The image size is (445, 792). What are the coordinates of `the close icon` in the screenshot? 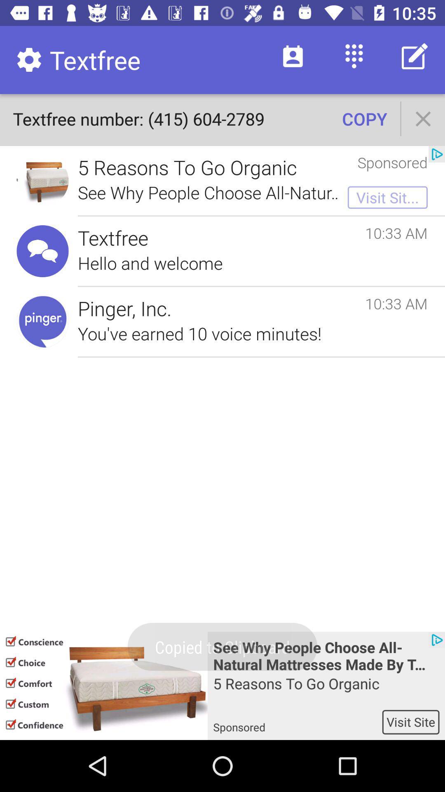 It's located at (423, 118).